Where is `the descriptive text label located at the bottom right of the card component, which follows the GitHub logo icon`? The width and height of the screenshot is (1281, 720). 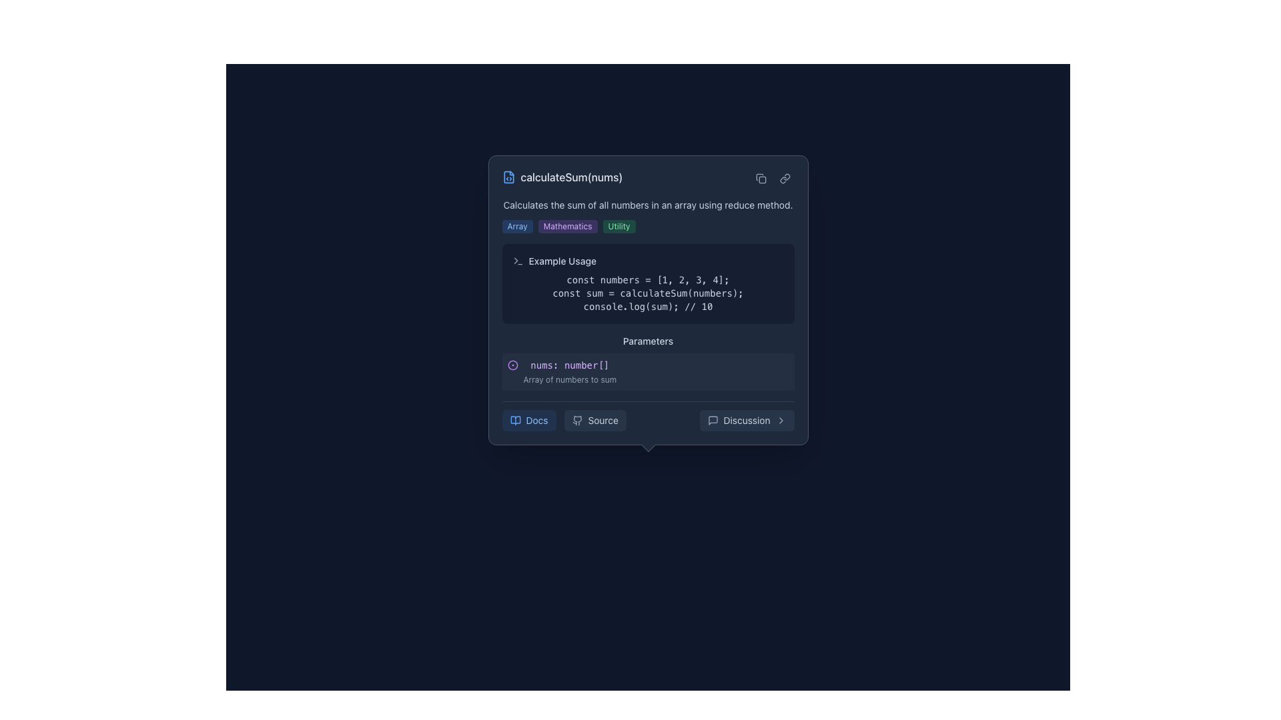
the descriptive text label located at the bottom right of the card component, which follows the GitHub logo icon is located at coordinates (602, 421).